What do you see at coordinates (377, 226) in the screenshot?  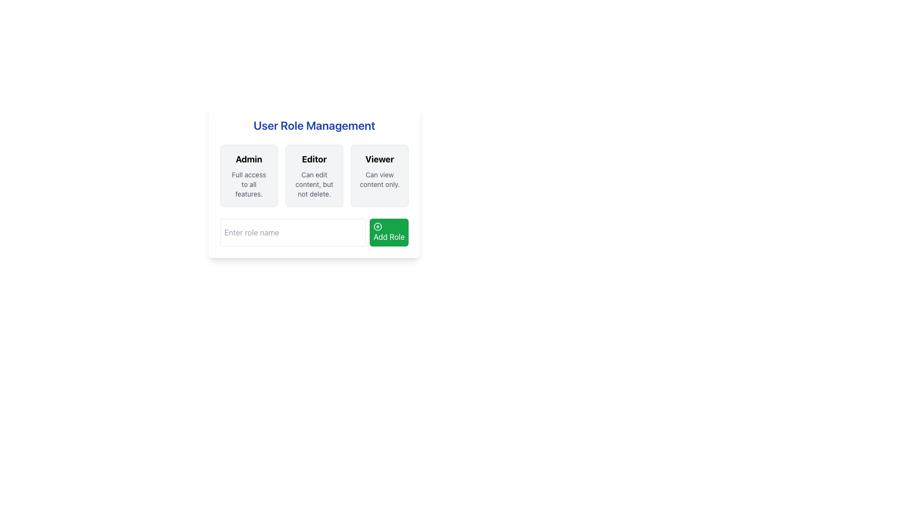 I see `the 'Add Role' button icon located in the lower right corner of the main form interface` at bounding box center [377, 226].